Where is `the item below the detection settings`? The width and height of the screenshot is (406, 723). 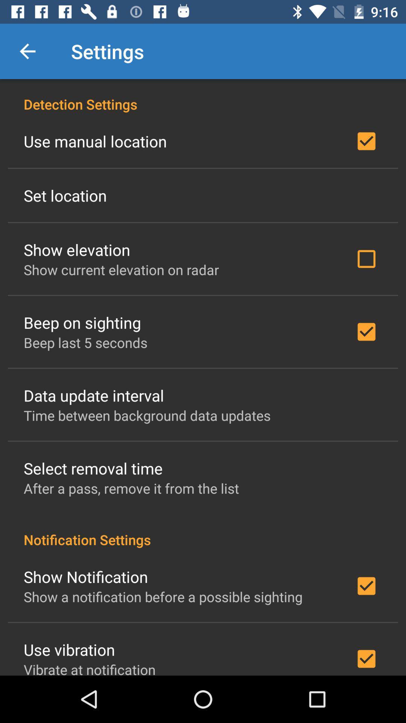 the item below the detection settings is located at coordinates (95, 141).